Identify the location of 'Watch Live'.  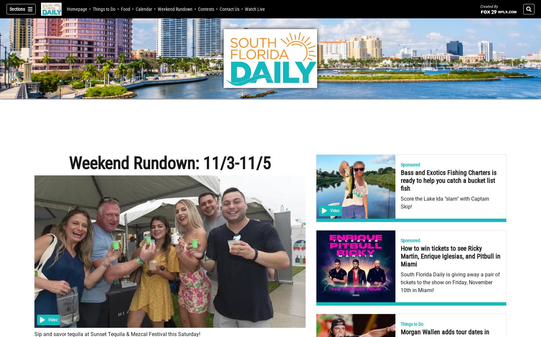
(254, 9).